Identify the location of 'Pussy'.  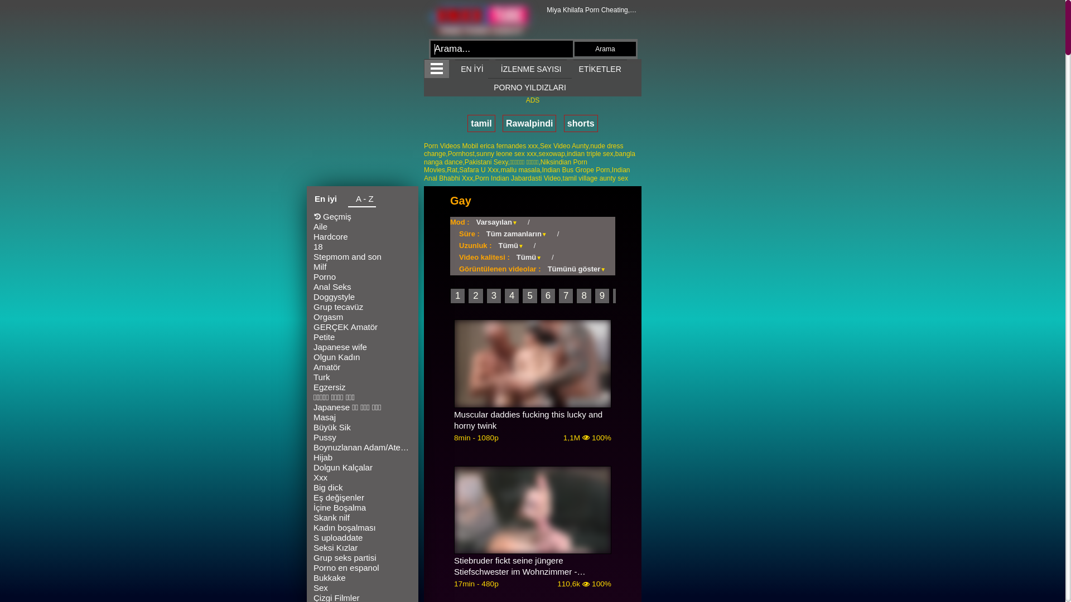
(362, 437).